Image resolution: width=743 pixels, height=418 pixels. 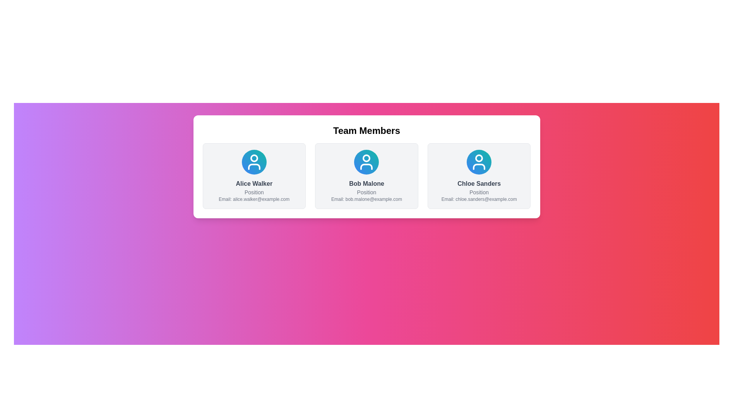 I want to click on the label displaying 'Bob Malone', which is the second element in a horizontal row of cards, positioned under the circular icon and above the text 'Position', so click(x=366, y=183).